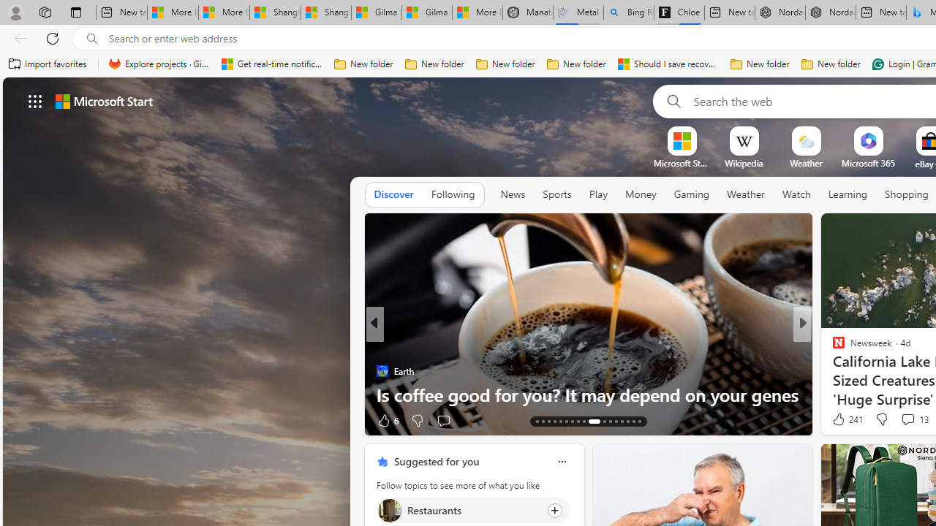  What do you see at coordinates (536, 422) in the screenshot?
I see `'AutomationID: tab-13'` at bounding box center [536, 422].